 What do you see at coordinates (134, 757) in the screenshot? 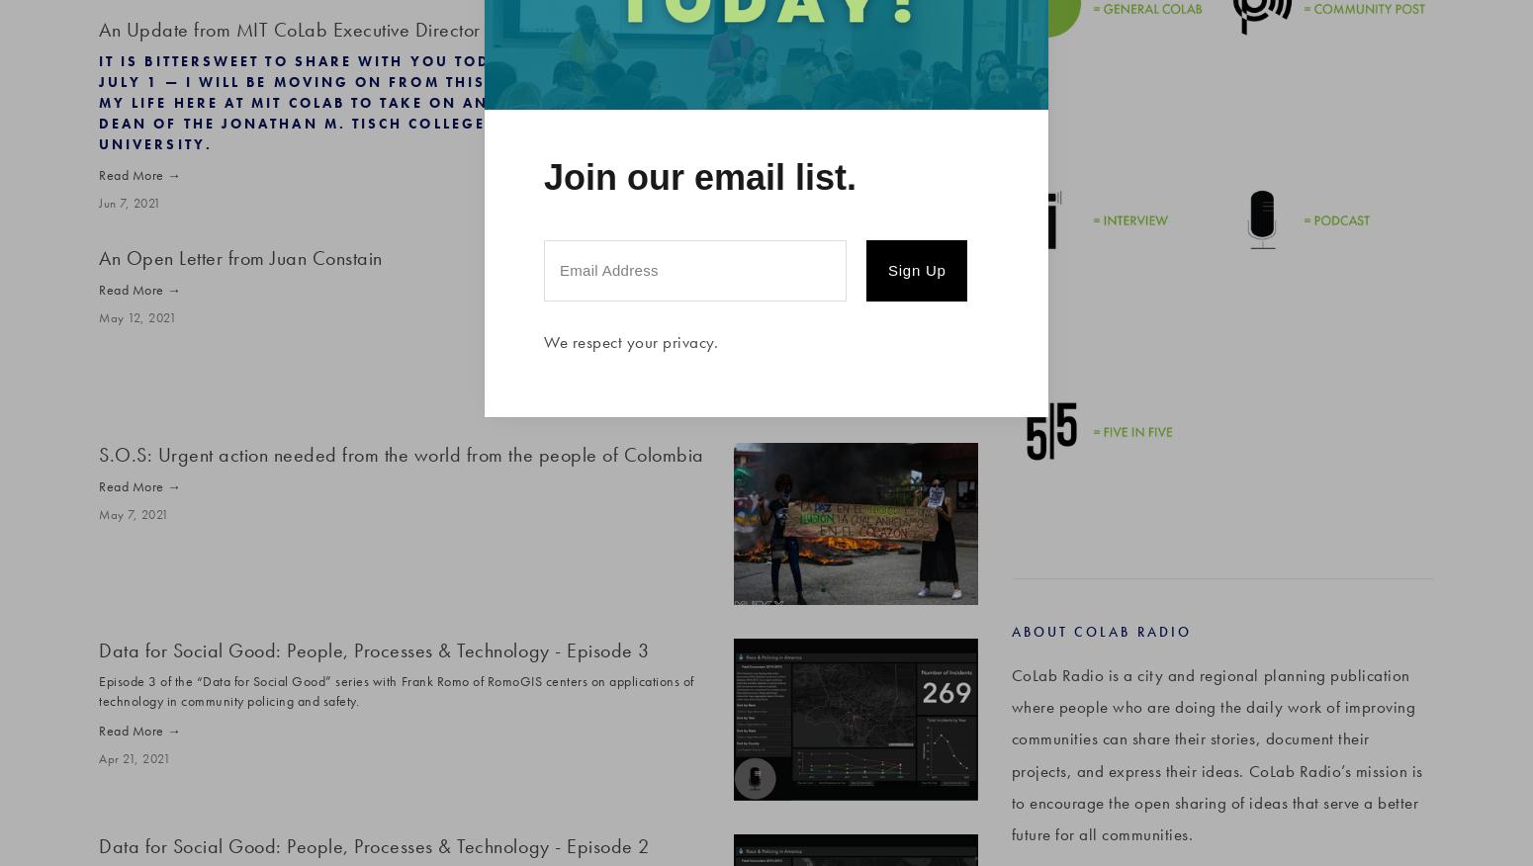
I see `'Apr 21, 2021'` at bounding box center [134, 757].